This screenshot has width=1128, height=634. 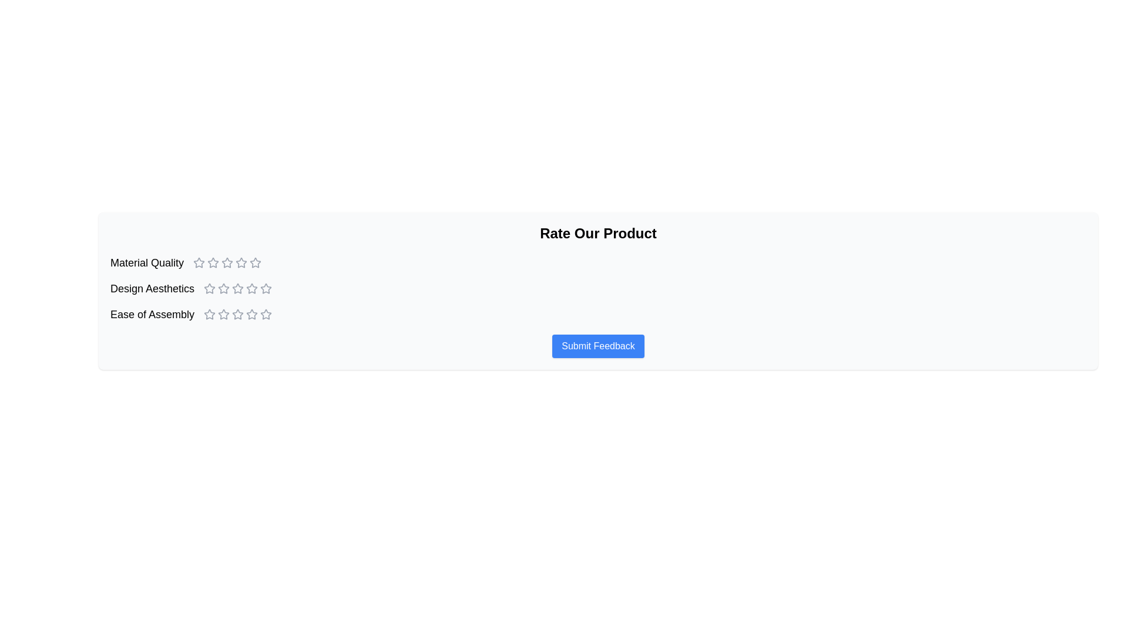 What do you see at coordinates (266, 288) in the screenshot?
I see `the second star in the five-star rating component under the 'Design Aesthetics' category` at bounding box center [266, 288].